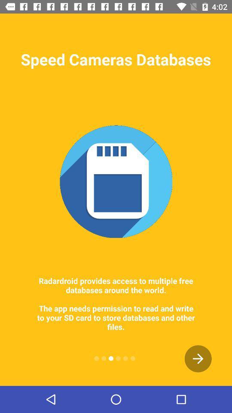  What do you see at coordinates (198, 358) in the screenshot?
I see `next screen` at bounding box center [198, 358].